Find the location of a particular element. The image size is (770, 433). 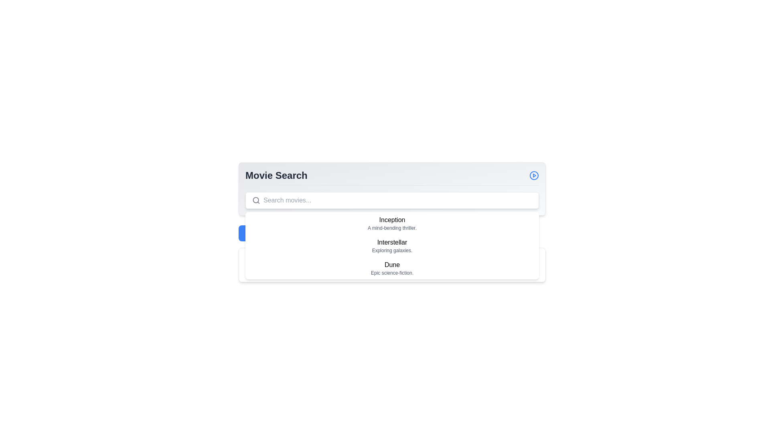

to select the list item displaying 'Dune' in bold, large font from the dropdown menu is located at coordinates (392, 268).